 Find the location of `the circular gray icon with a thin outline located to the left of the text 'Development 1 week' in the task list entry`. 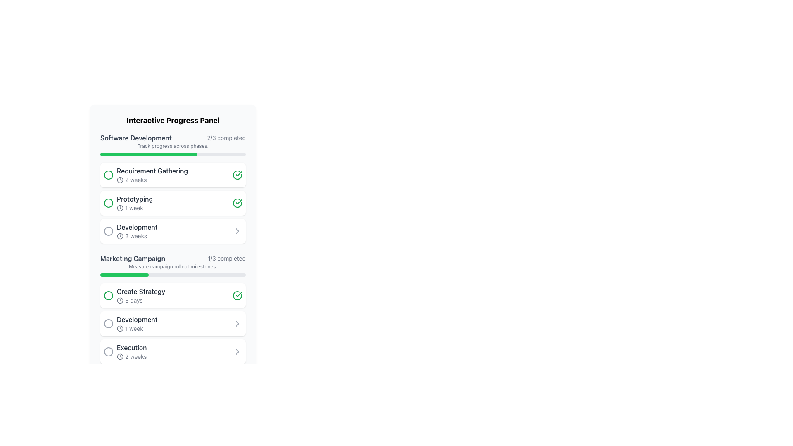

the circular gray icon with a thin outline located to the left of the text 'Development 1 week' in the task list entry is located at coordinates (108, 323).